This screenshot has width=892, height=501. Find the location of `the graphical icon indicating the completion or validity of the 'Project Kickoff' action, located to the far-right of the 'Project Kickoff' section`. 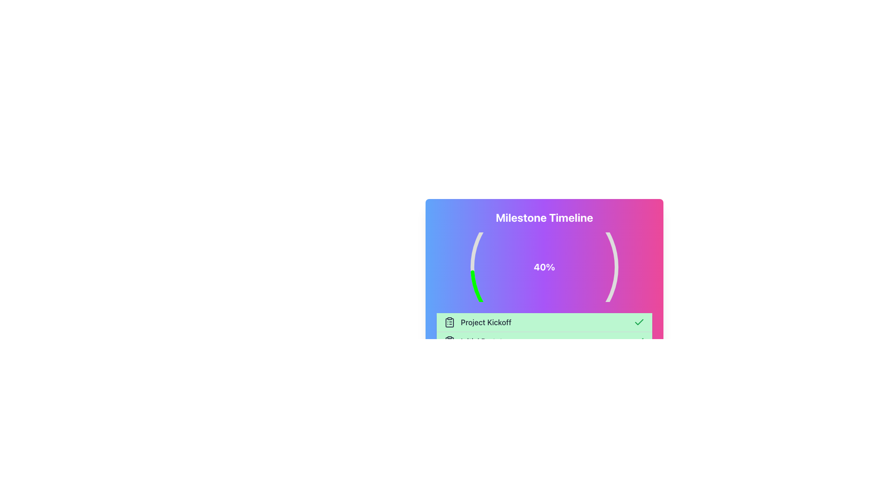

the graphical icon indicating the completion or validity of the 'Project Kickoff' action, located to the far-right of the 'Project Kickoff' section is located at coordinates (639, 321).